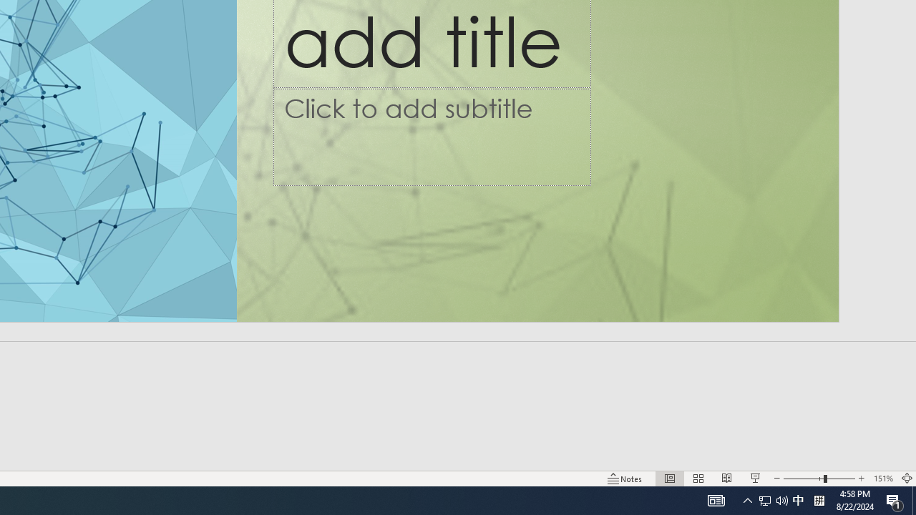  Describe the element at coordinates (882, 479) in the screenshot. I see `'Zoom 151%'` at that location.